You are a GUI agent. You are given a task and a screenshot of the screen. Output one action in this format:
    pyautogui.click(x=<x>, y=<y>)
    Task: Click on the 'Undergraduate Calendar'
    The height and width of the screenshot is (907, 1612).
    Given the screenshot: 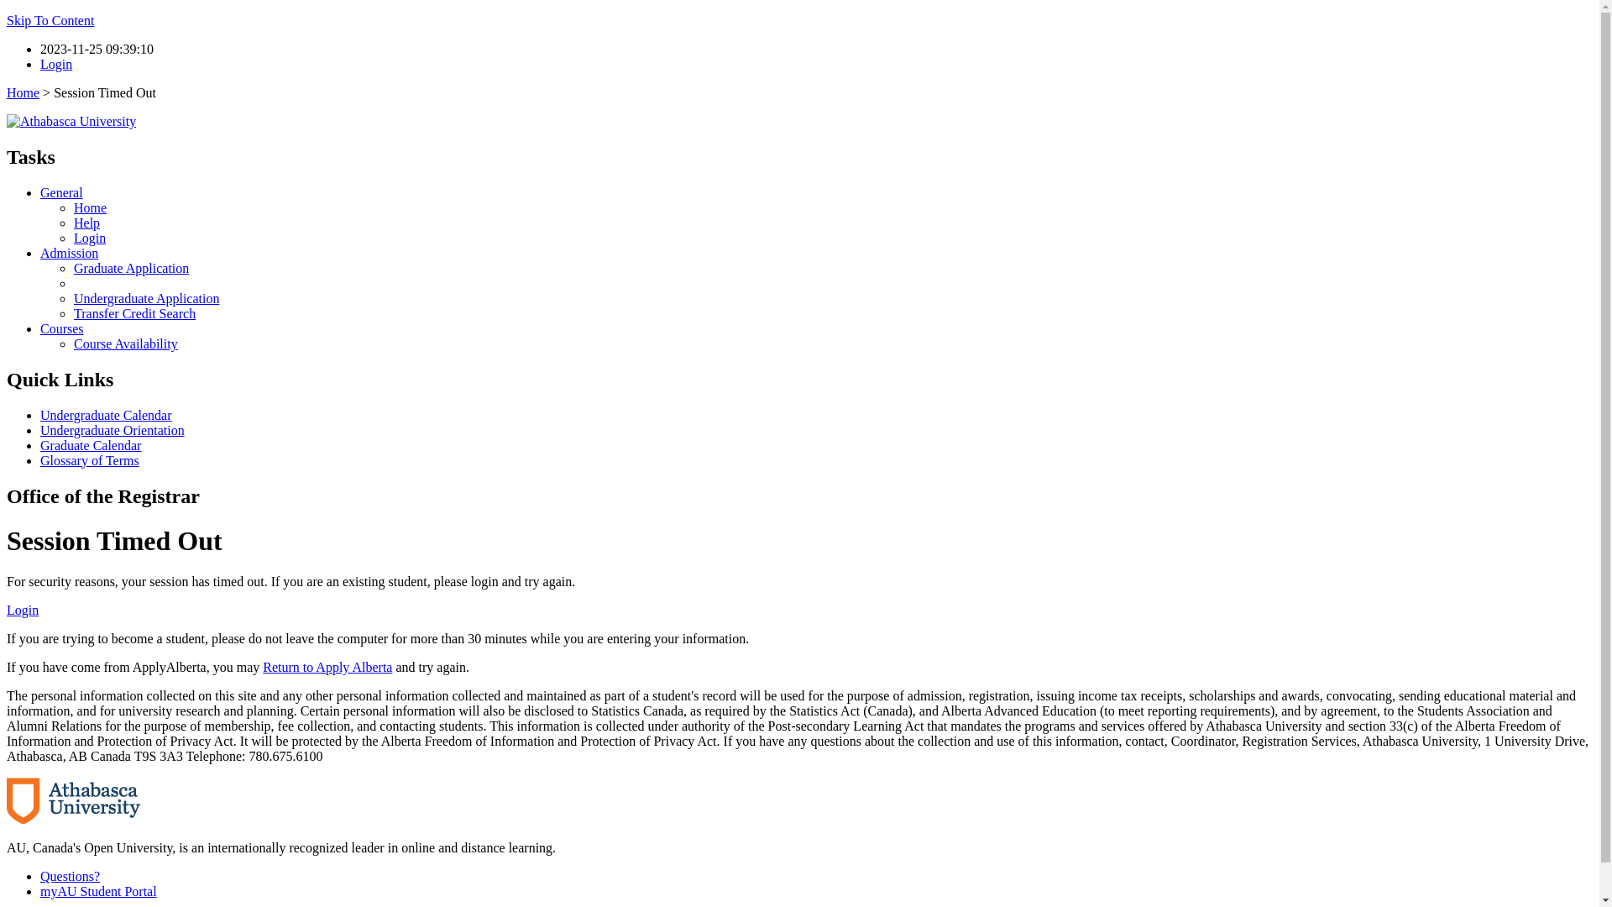 What is the action you would take?
    pyautogui.click(x=105, y=415)
    